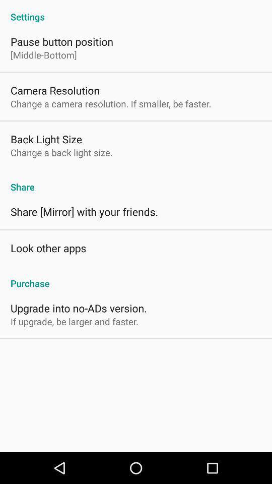  What do you see at coordinates (62, 41) in the screenshot?
I see `pause button position icon` at bounding box center [62, 41].